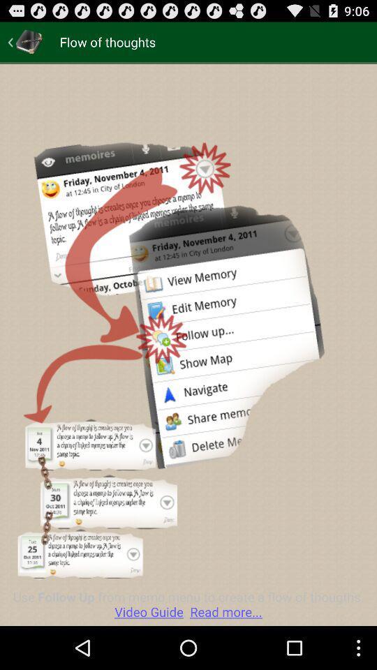 Image resolution: width=377 pixels, height=670 pixels. What do you see at coordinates (25, 41) in the screenshot?
I see `the icon at the top left corner` at bounding box center [25, 41].